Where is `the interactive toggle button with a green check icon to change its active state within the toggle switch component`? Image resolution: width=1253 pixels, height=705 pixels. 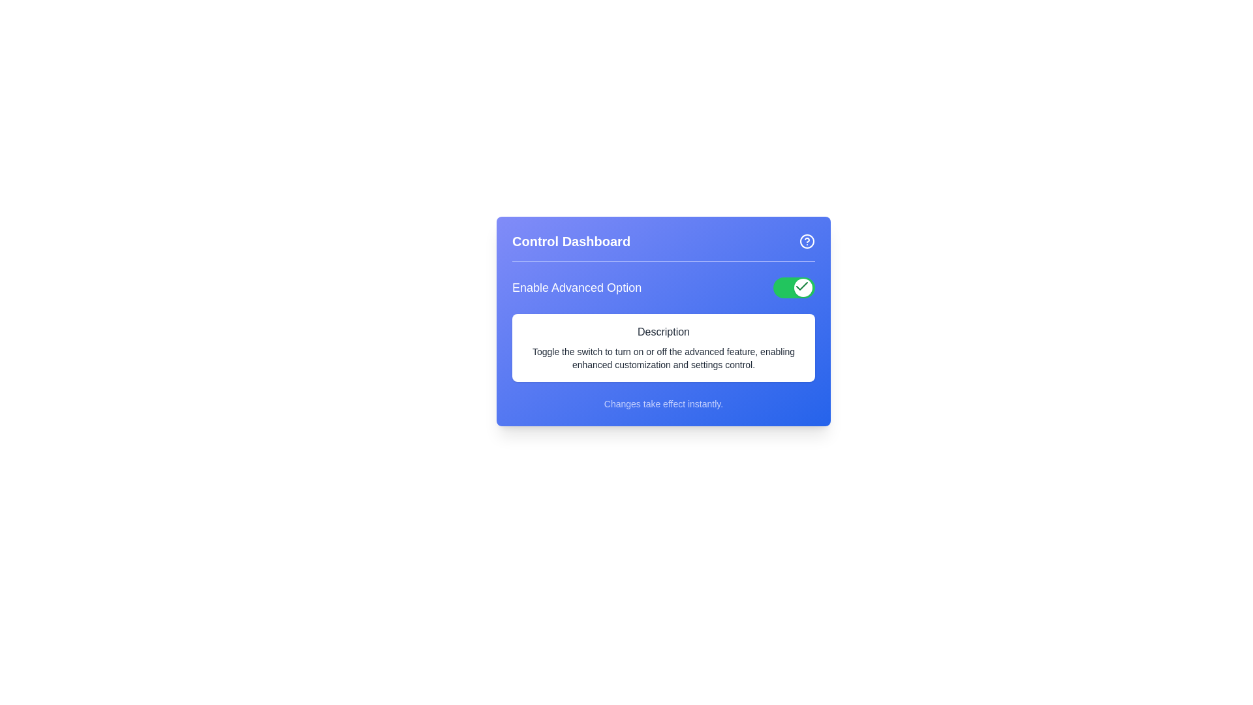
the interactive toggle button with a green check icon to change its active state within the toggle switch component is located at coordinates (802, 287).